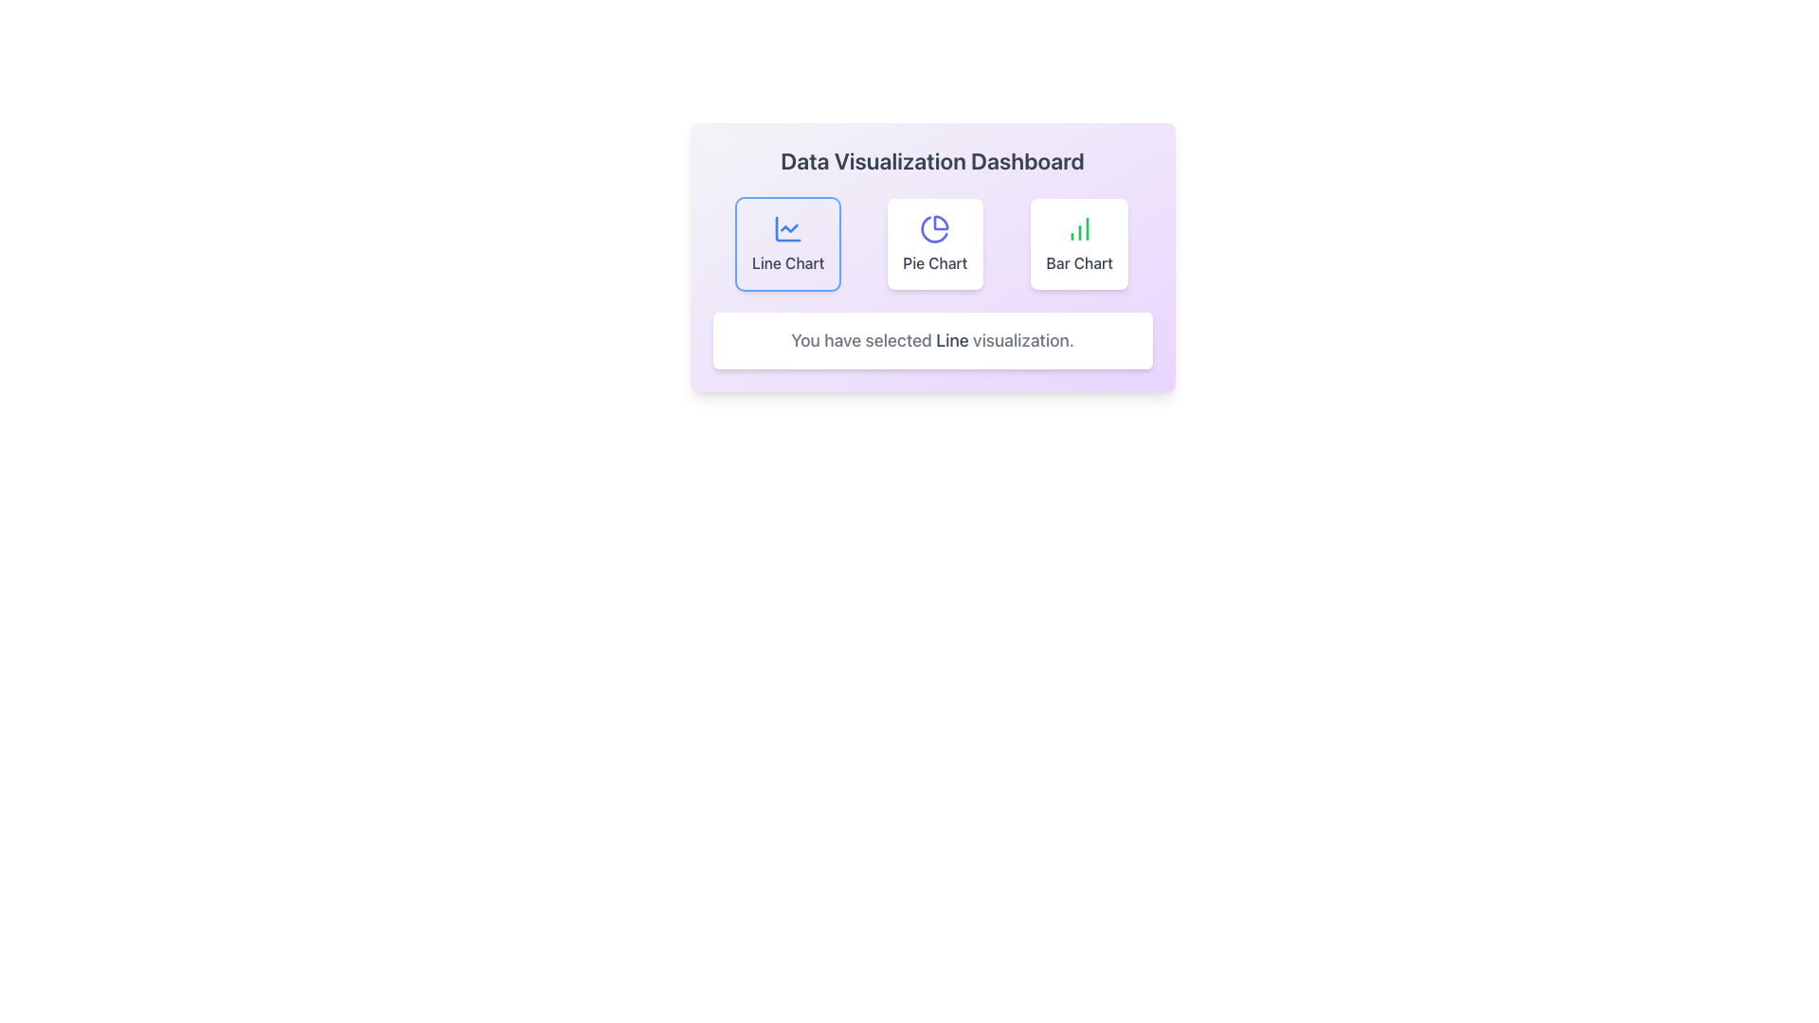 Image resolution: width=1819 pixels, height=1023 pixels. I want to click on the text label that reads 'Pie Chart', which is styled in gray color and positioned below its corresponding icon within a modern design layout, so click(935, 262).